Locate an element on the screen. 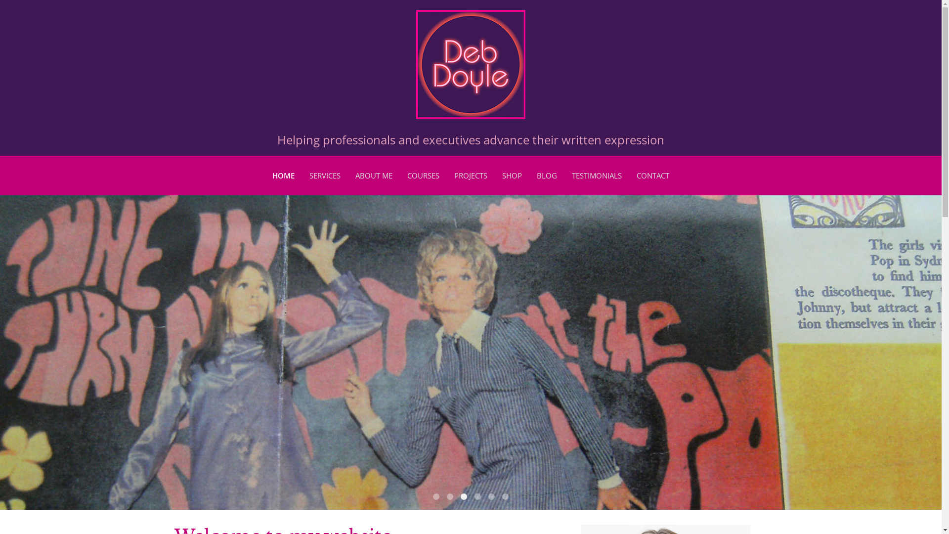 Image resolution: width=949 pixels, height=534 pixels. '4a' is located at coordinates (477, 496).